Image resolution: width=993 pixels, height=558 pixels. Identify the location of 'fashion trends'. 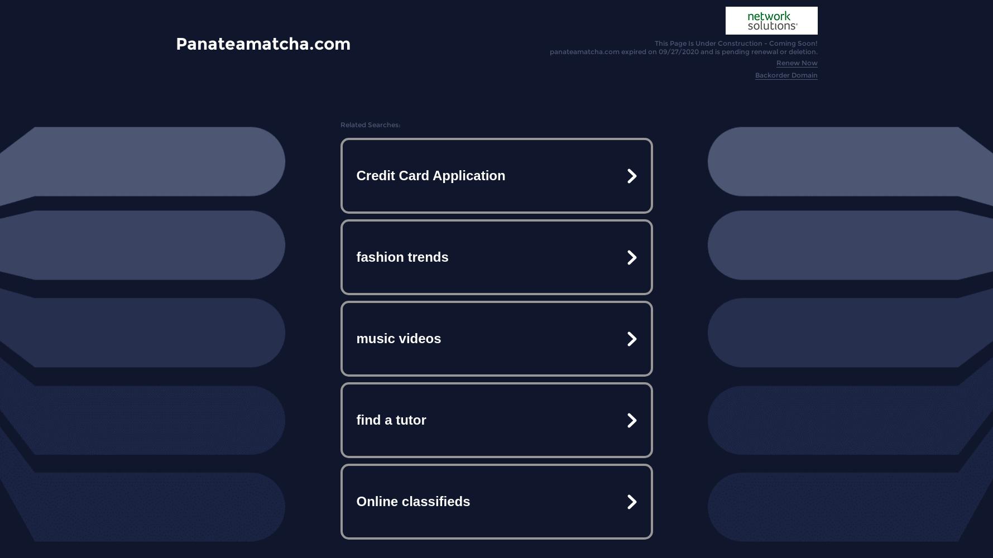
(355, 256).